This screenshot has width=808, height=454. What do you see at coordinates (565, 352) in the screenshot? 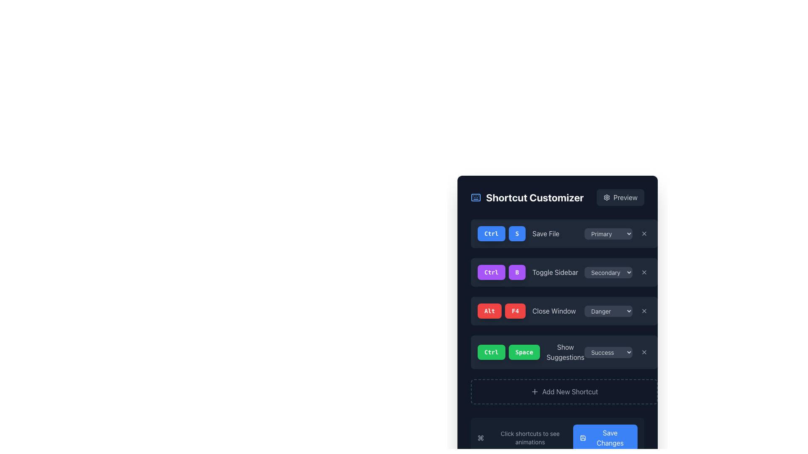
I see `the text label positioned at the bottom-right of the horizontal row, which indicates the functionality of the associated shortcut components` at bounding box center [565, 352].